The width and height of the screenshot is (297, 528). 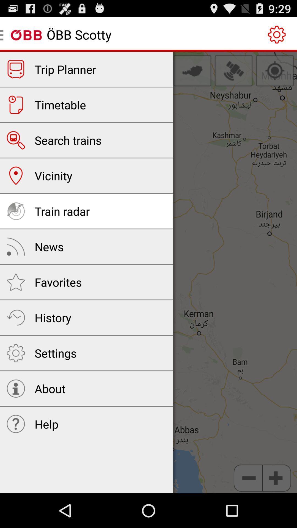 What do you see at coordinates (65, 69) in the screenshot?
I see `the trip planner app` at bounding box center [65, 69].